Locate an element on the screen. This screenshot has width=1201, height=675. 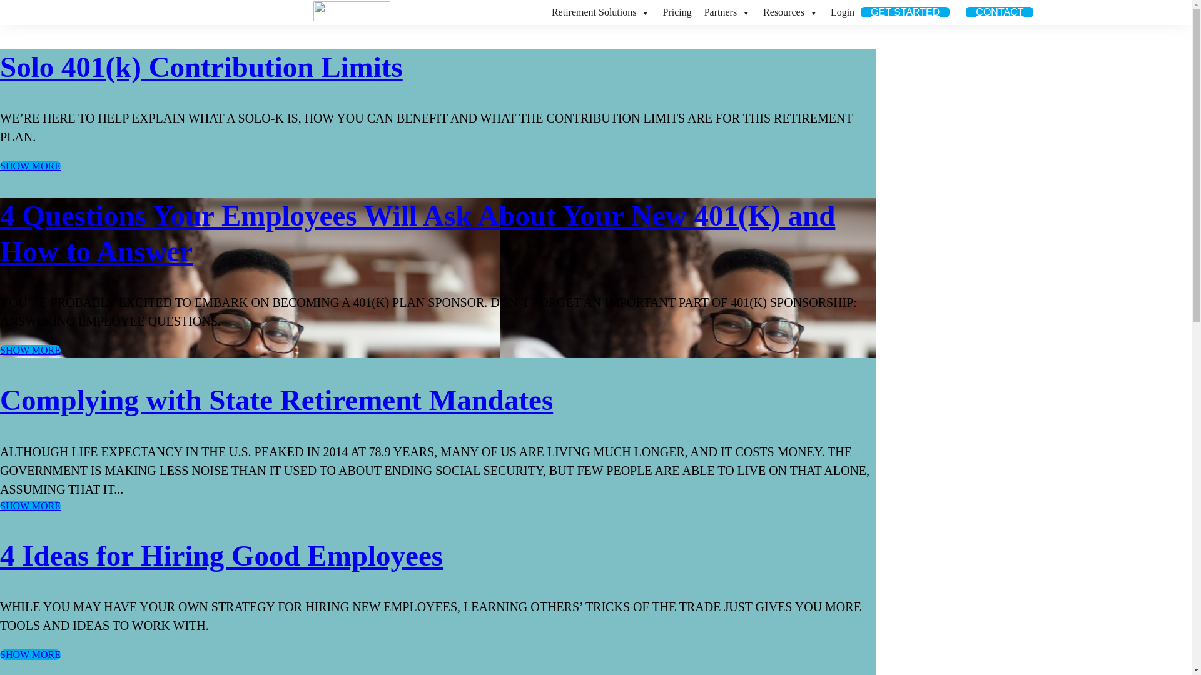
'Resources' is located at coordinates (789, 12).